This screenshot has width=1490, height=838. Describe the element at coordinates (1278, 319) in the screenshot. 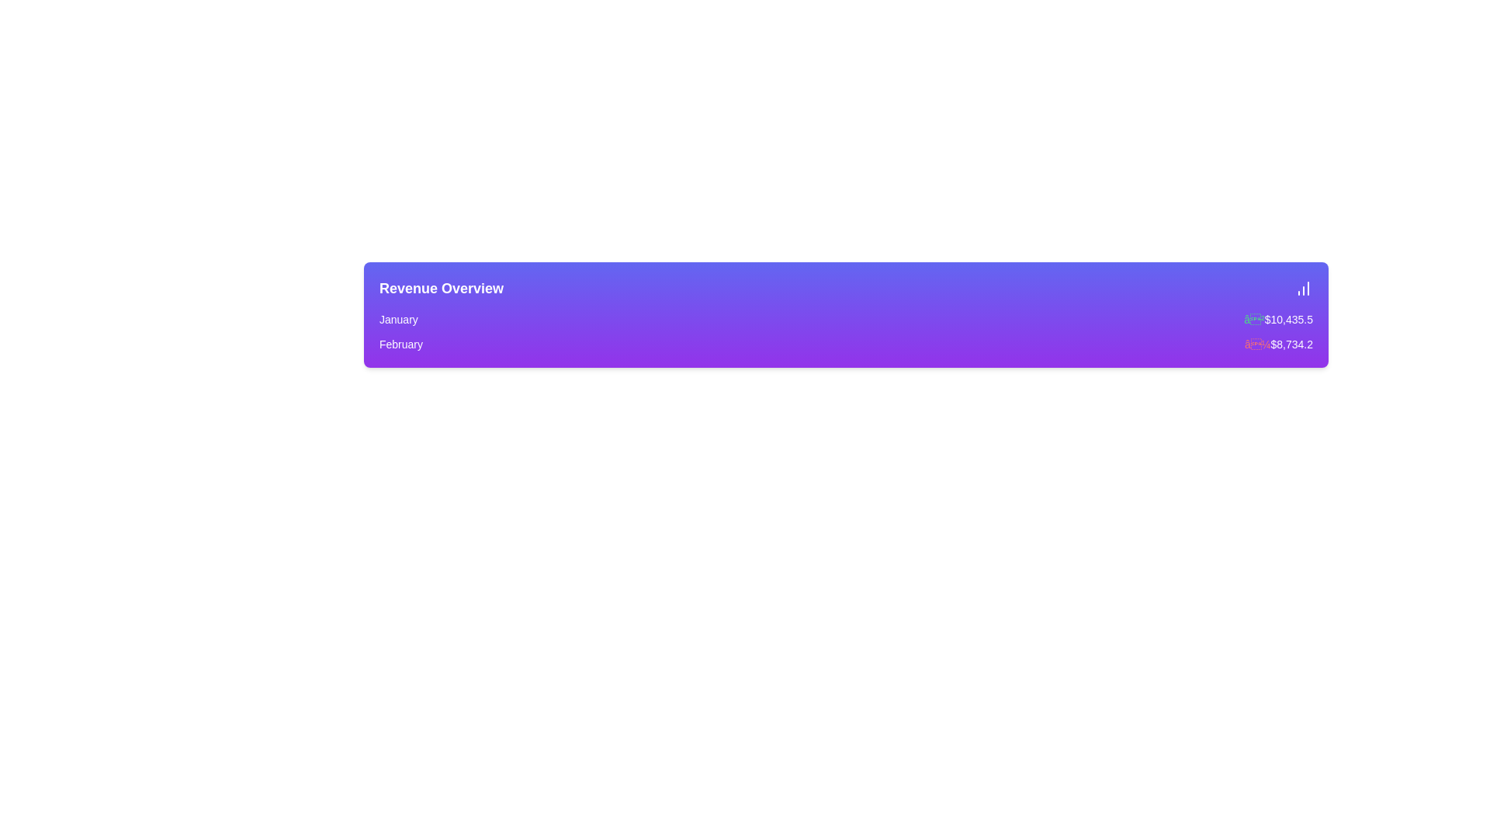

I see `monetary value displayed for January, which is indicated by a green triangle suggesting a positive trend, located at the top-right corner of the interface, aligned with the 'January' label` at that location.